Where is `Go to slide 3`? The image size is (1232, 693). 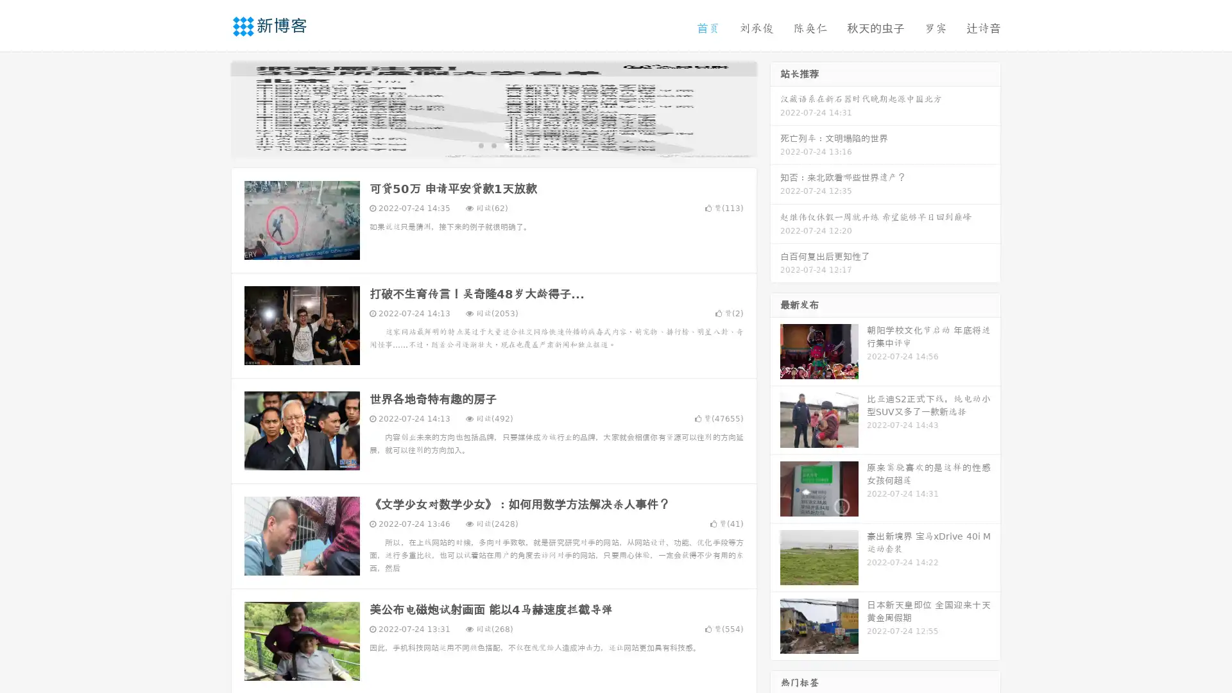
Go to slide 3 is located at coordinates (506, 144).